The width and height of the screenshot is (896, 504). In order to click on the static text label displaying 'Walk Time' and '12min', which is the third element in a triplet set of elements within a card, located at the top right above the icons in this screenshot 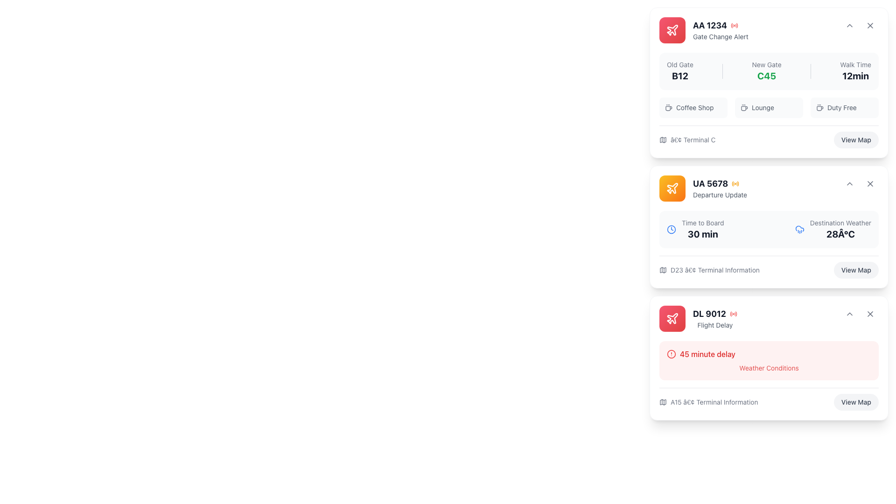, I will do `click(855, 71)`.